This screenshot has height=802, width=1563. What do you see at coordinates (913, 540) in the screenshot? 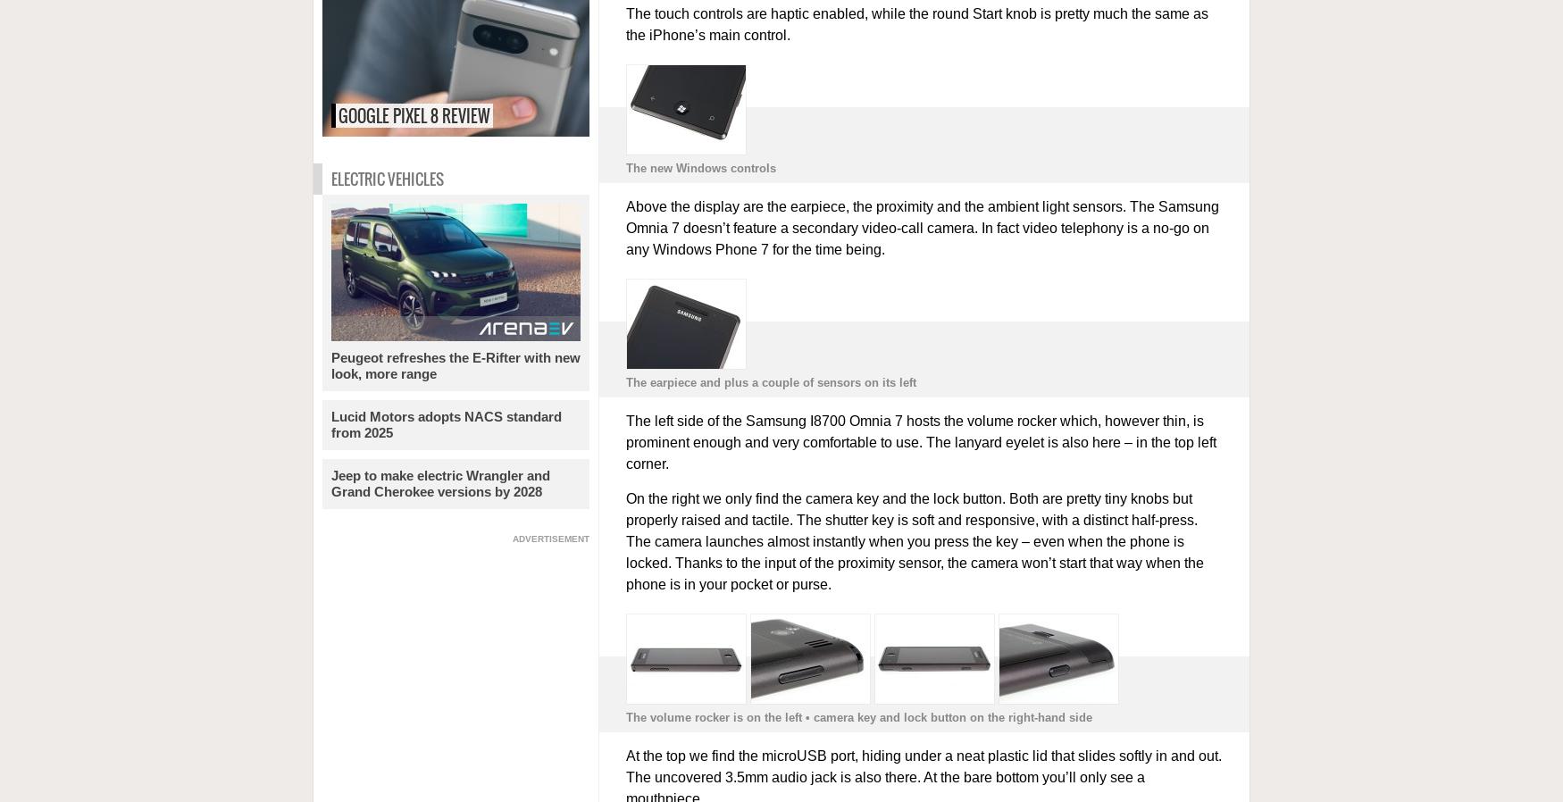
I see `'On the right we only find the camera key and the lock button. Both are pretty tiny knobs but properly raised and tactile. The shutter key is soft and responsive, with a distinct half-press. The camera launches almost instantly when you press the key – even when the phone is locked. Thanks to the input of the proximity sensor, the camera won’t start that way when the phone is in your pocket or purse.'` at bounding box center [913, 540].